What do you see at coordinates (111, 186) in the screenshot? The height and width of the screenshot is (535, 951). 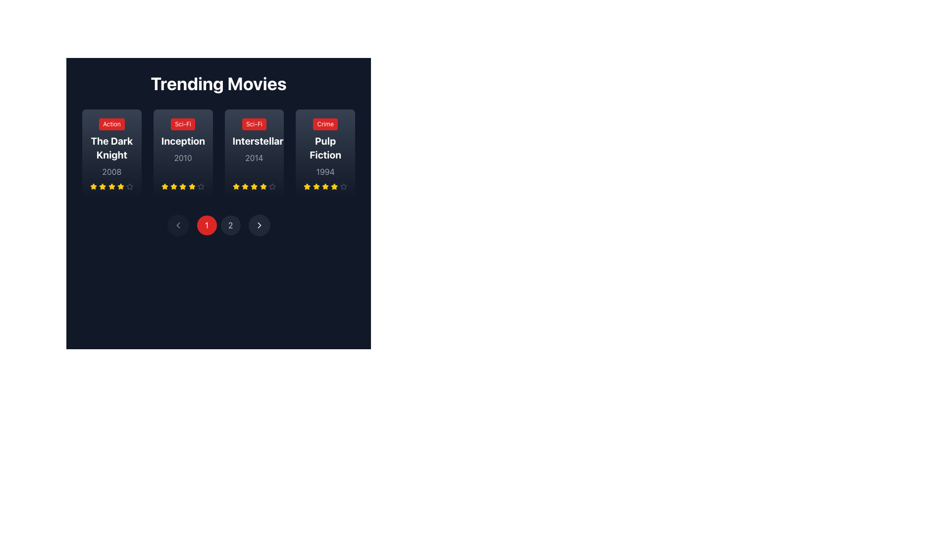 I see `the fourth yellow star icon in the rating component displayed under 'The Dark Knight' (2008)` at bounding box center [111, 186].